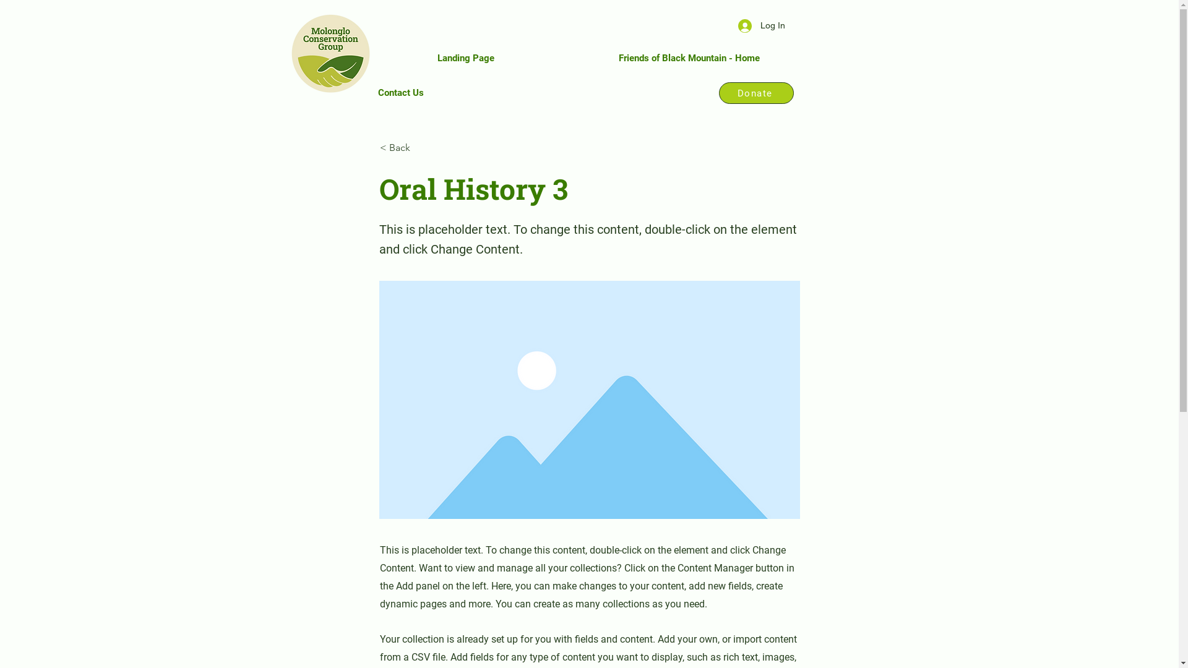 The width and height of the screenshot is (1188, 668). What do you see at coordinates (755, 92) in the screenshot?
I see `'Donate'` at bounding box center [755, 92].